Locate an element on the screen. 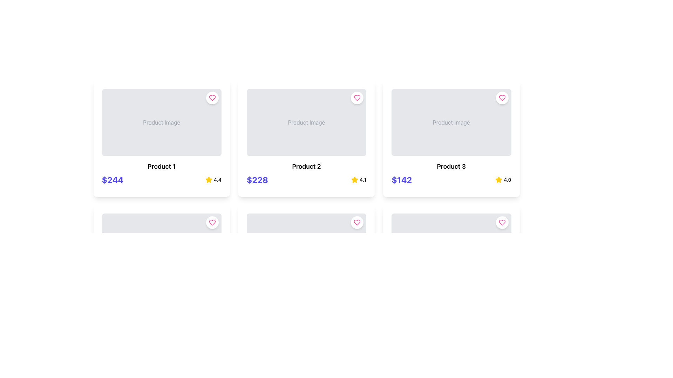 The height and width of the screenshot is (378, 673). the heart-shaped icon with a pink border in the top-right corner of the 'Product 3' card is located at coordinates (502, 98).